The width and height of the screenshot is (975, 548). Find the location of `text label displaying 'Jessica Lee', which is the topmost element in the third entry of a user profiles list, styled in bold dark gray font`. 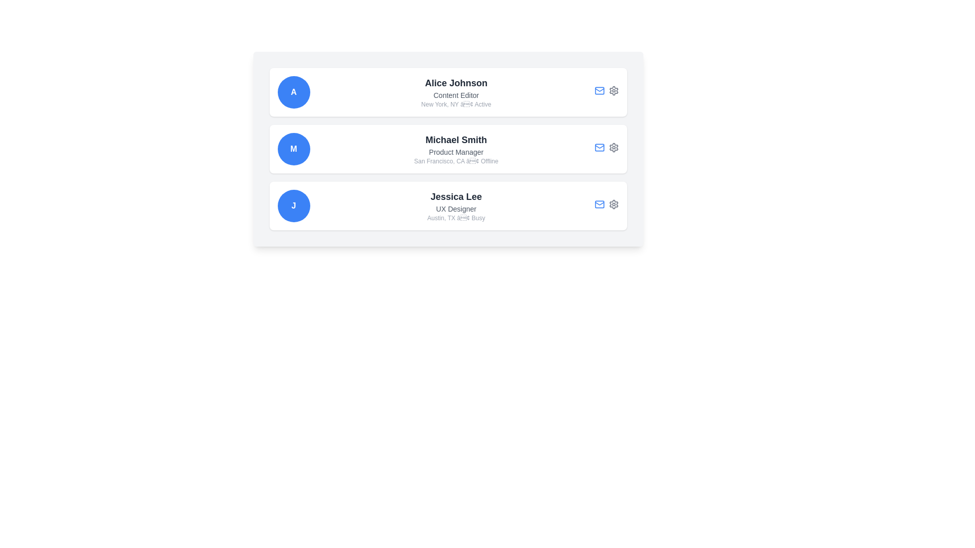

text label displaying 'Jessica Lee', which is the topmost element in the third entry of a user profiles list, styled in bold dark gray font is located at coordinates (456, 197).